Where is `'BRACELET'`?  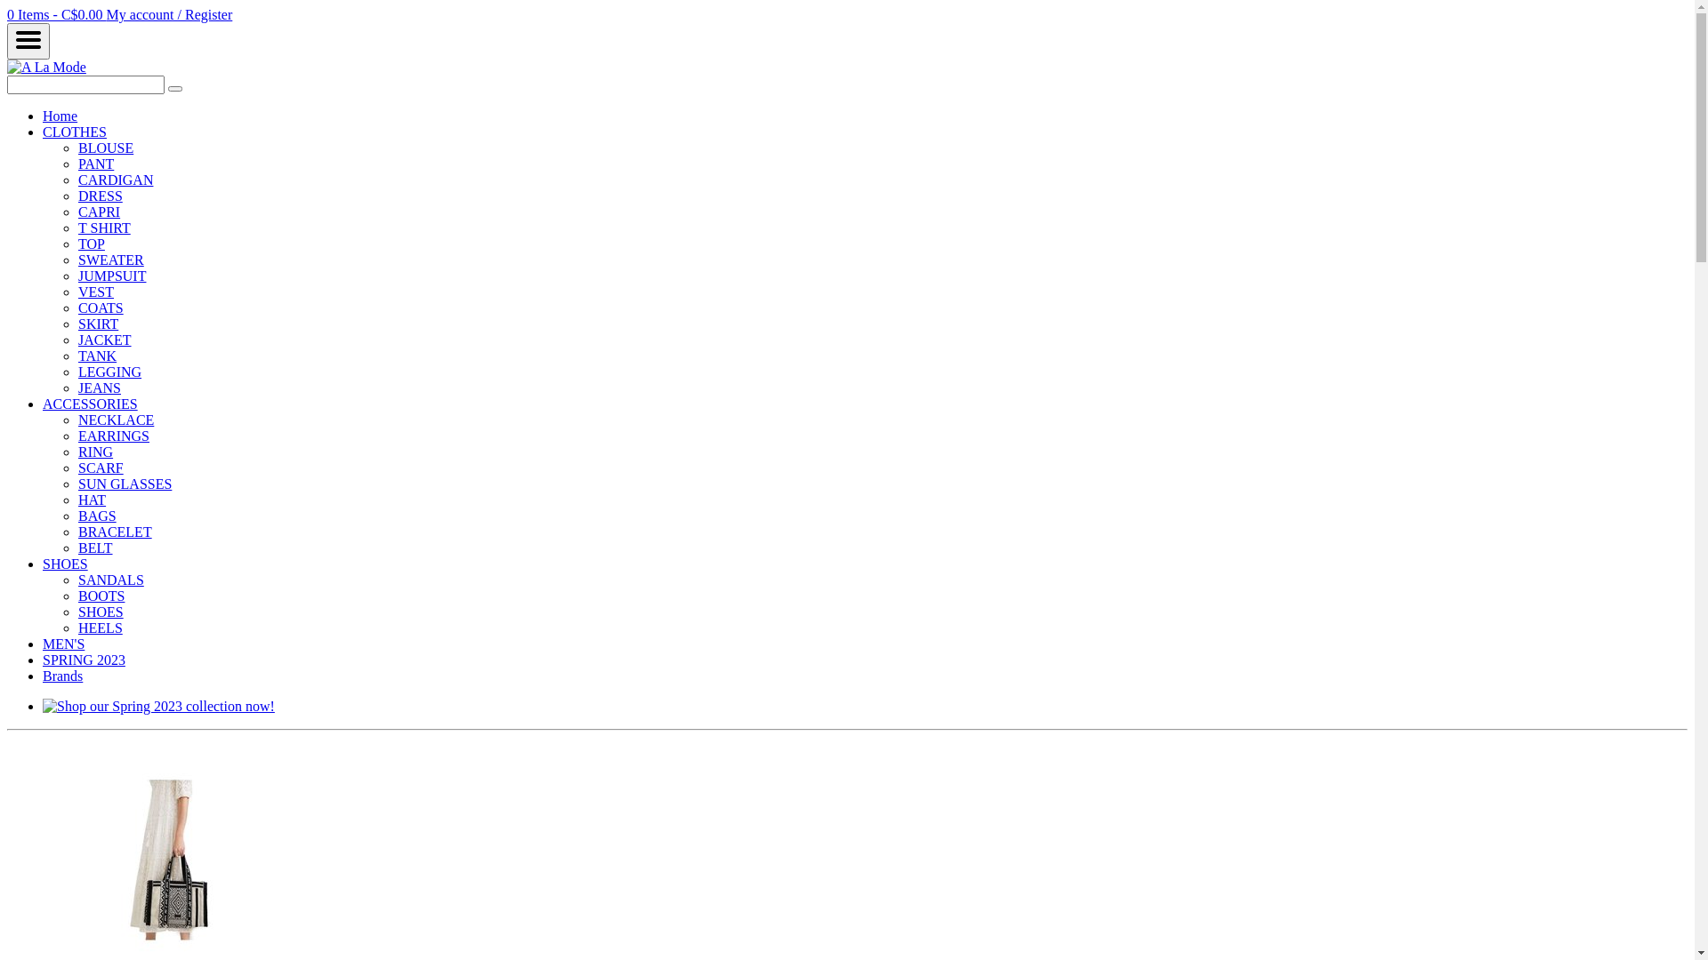 'BRACELET' is located at coordinates (114, 531).